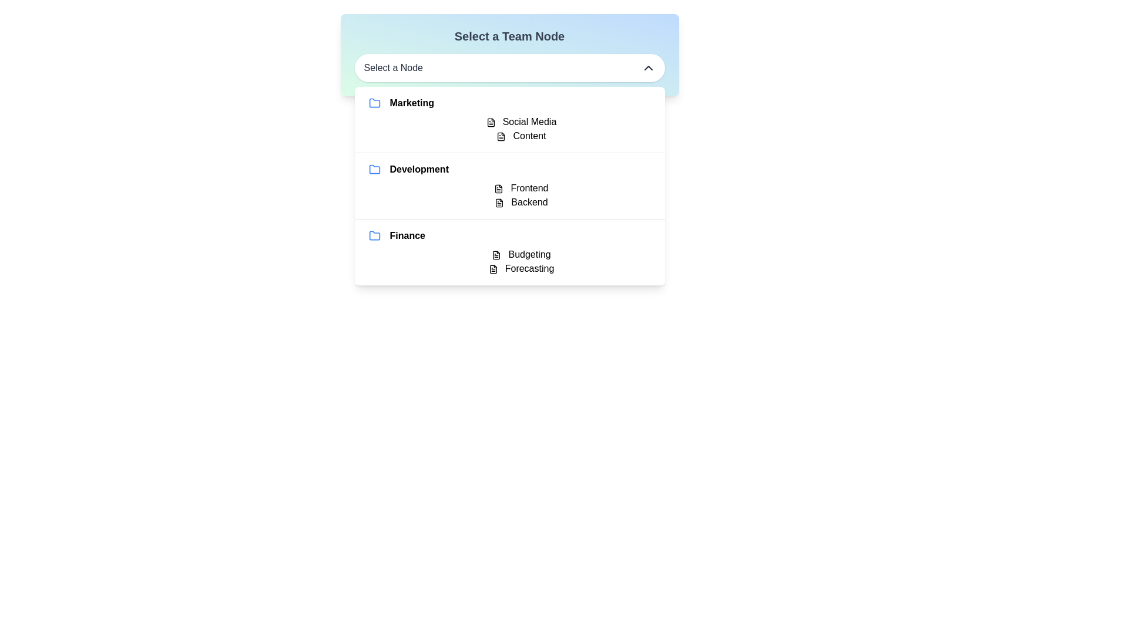 The width and height of the screenshot is (1128, 634). Describe the element at coordinates (407, 235) in the screenshot. I see `the text label element displaying 'Finance' in bold, which is the third main category under 'Marketing' and 'Development'` at that location.